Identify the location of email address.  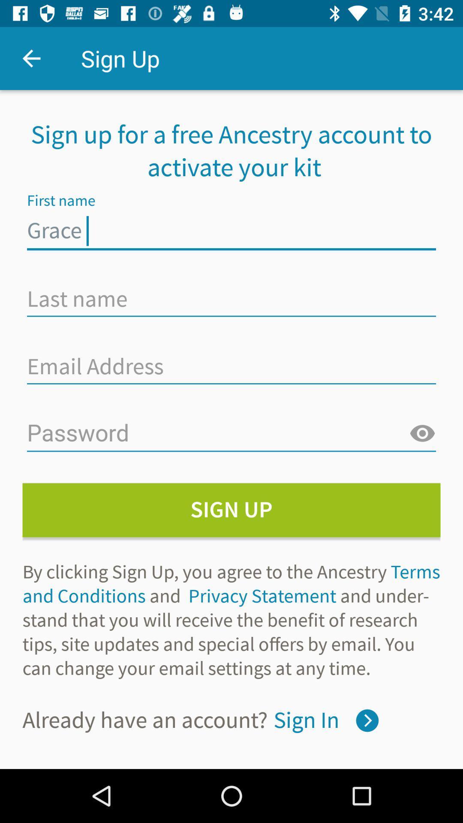
(231, 366).